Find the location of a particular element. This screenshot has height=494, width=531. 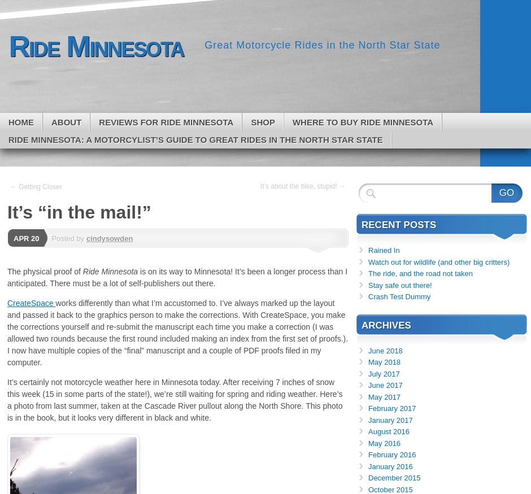

'It’s certainly not motorcycle weather here in Minnesota today. After receiving 7 inches of snow this week (15 in some parts of the state!), we’re still waiting for spring and riding weather. Here’s a photo from last summer, taken at the Cascade River pullout along the North Shore. This photo is in the book, but it looks very different in black and white.' is located at coordinates (174, 399).